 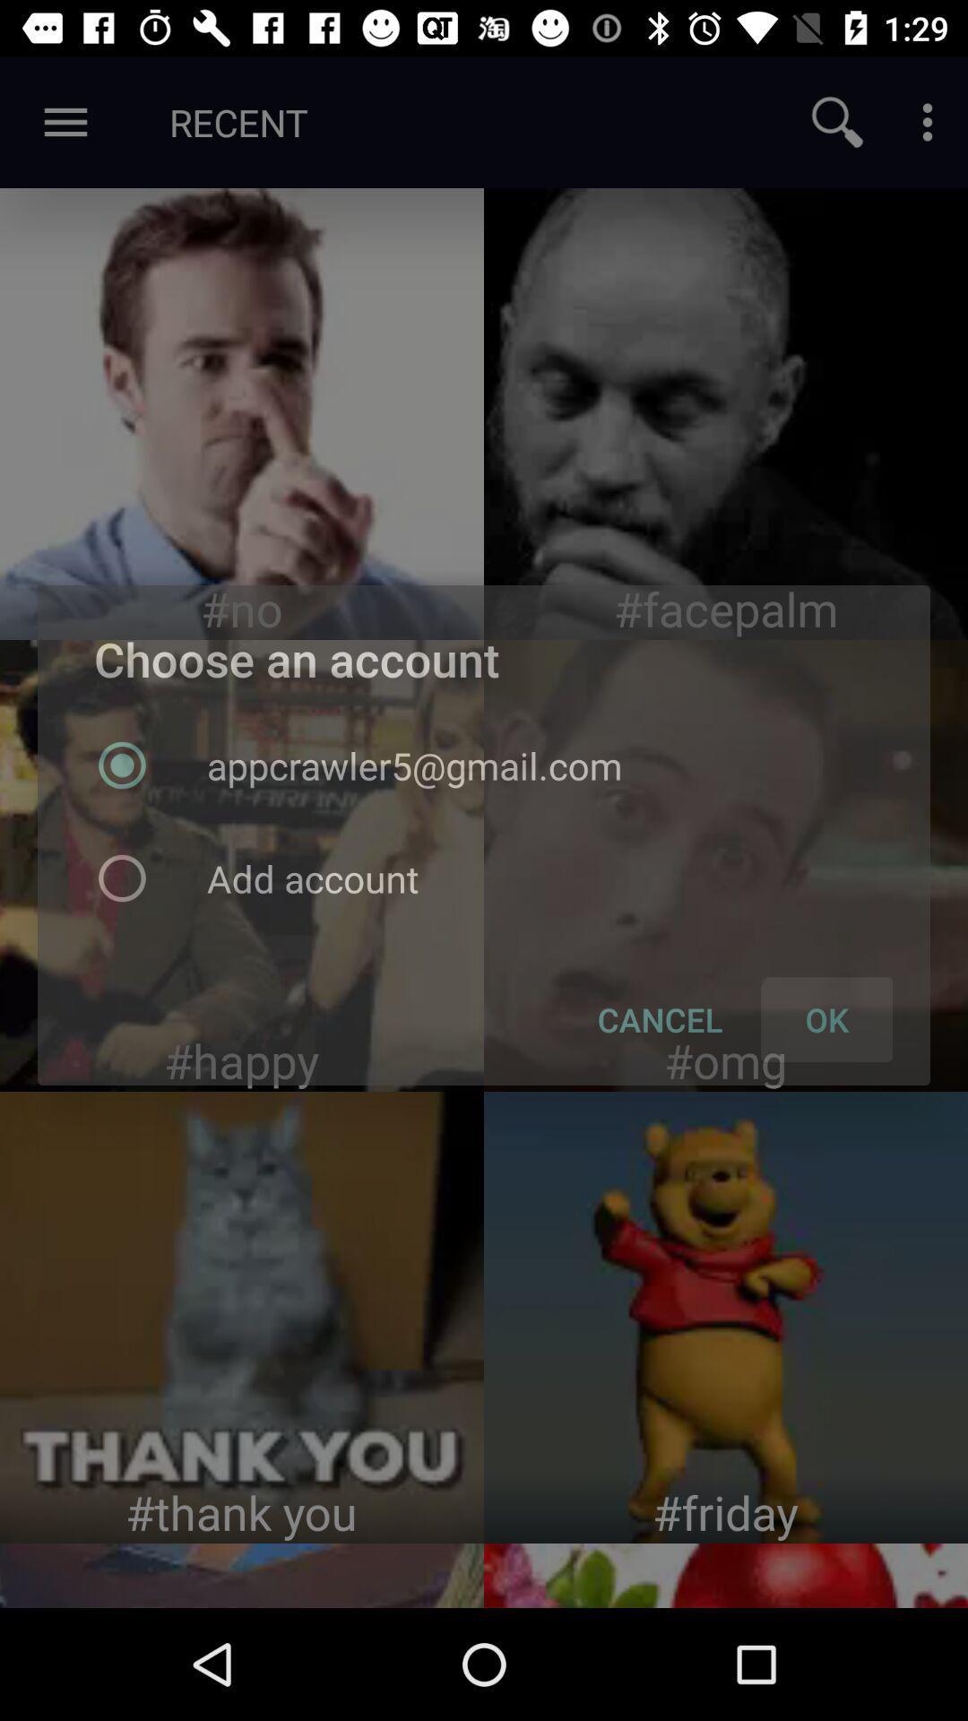 I want to click on image screen, so click(x=242, y=865).